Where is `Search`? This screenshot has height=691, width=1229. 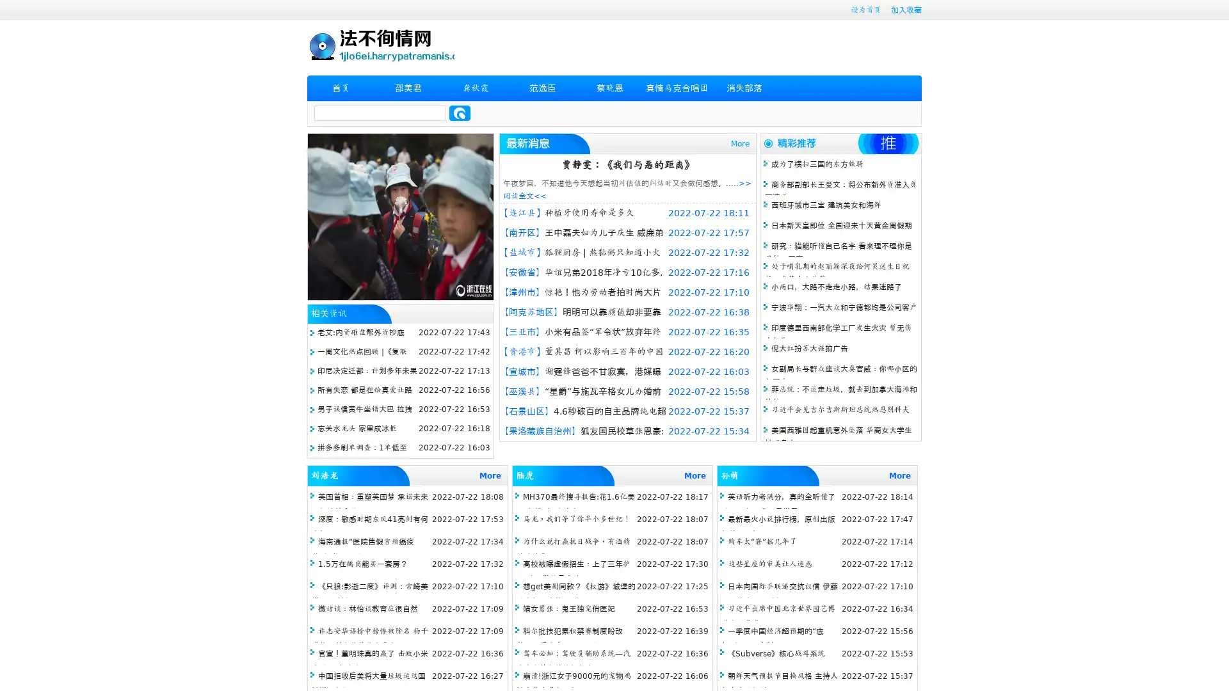 Search is located at coordinates (460, 113).